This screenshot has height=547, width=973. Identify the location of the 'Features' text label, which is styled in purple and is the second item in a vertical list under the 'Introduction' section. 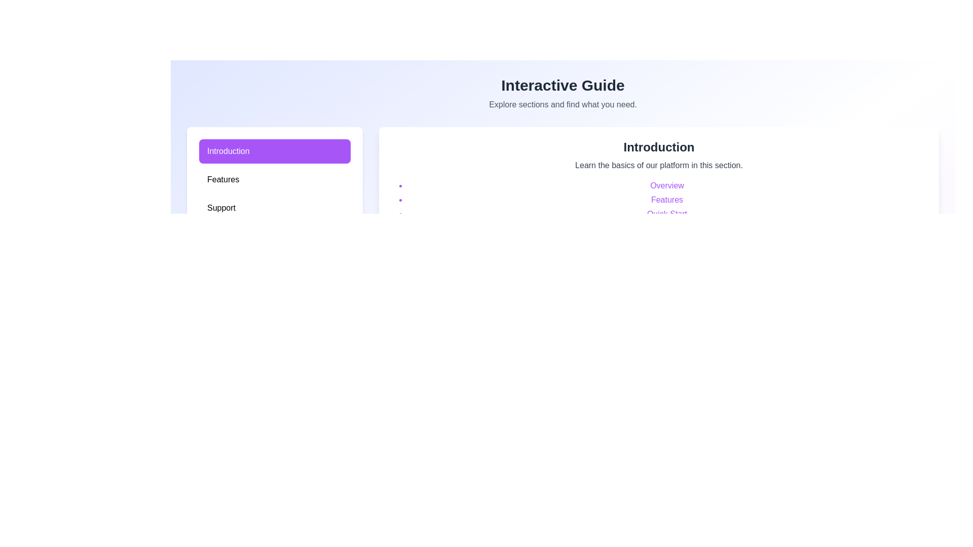
(667, 200).